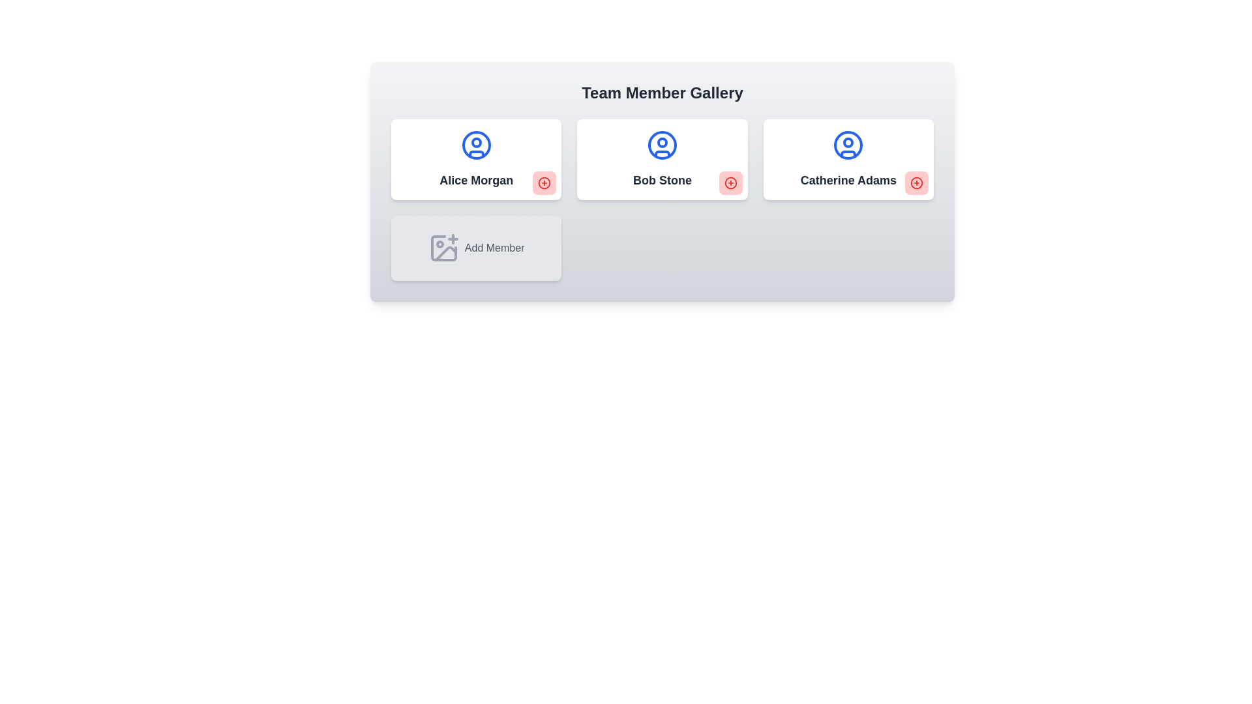  I want to click on the small circular button with a red background and a plus sign icon located in the bottom-right corner of the card containing the member details for 'Alice Morgan', so click(544, 183).